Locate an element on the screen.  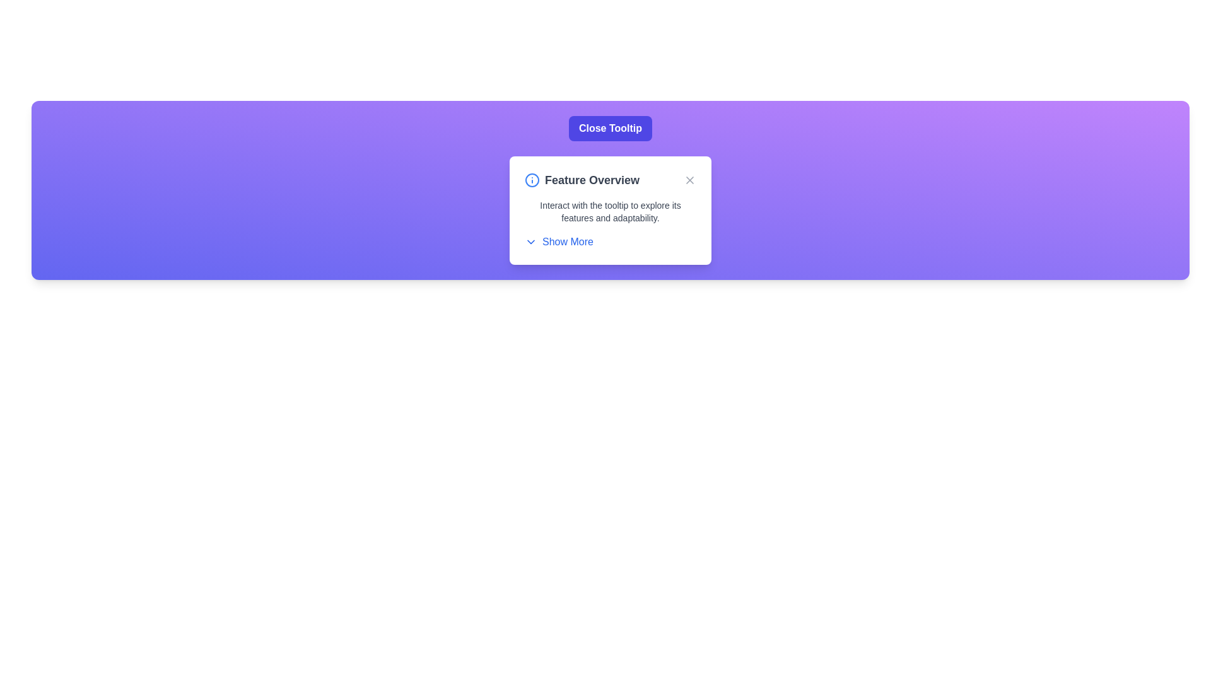
the button located at the bottom left of the 'Feature Overview' modal is located at coordinates (558, 242).